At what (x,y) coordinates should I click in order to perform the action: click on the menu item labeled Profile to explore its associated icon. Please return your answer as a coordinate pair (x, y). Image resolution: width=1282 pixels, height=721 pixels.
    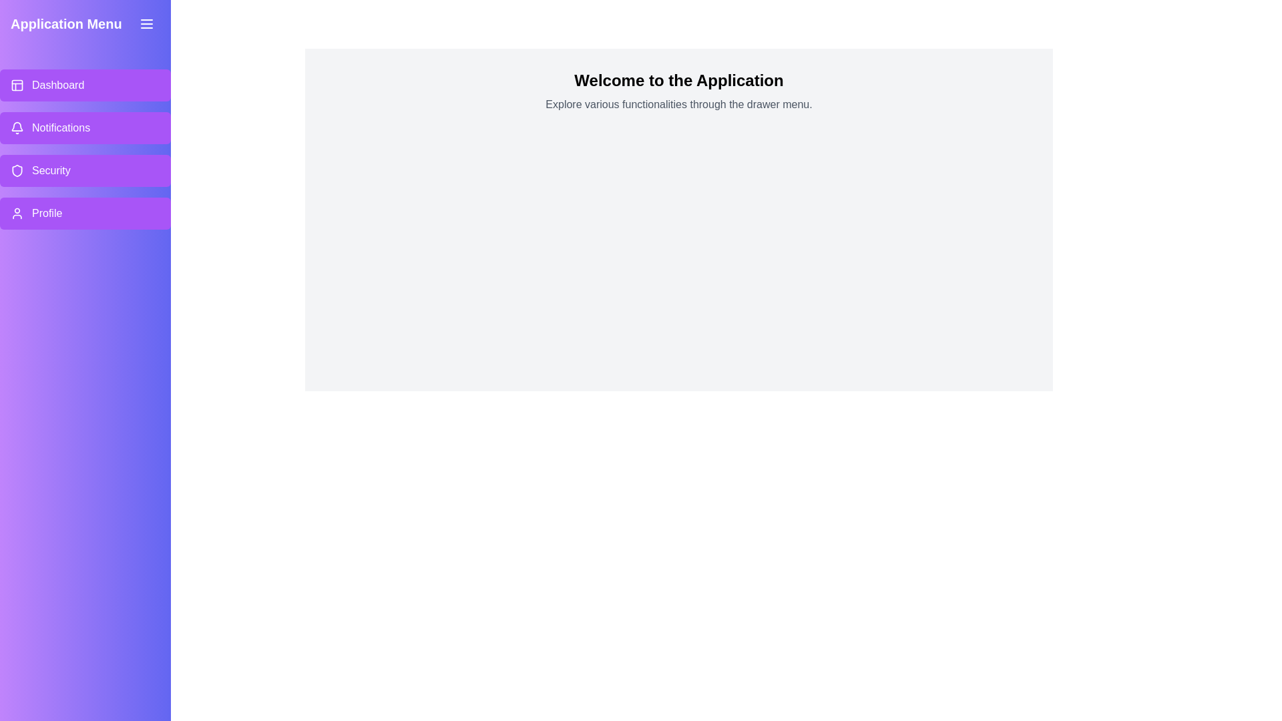
    Looking at the image, I should click on (17, 213).